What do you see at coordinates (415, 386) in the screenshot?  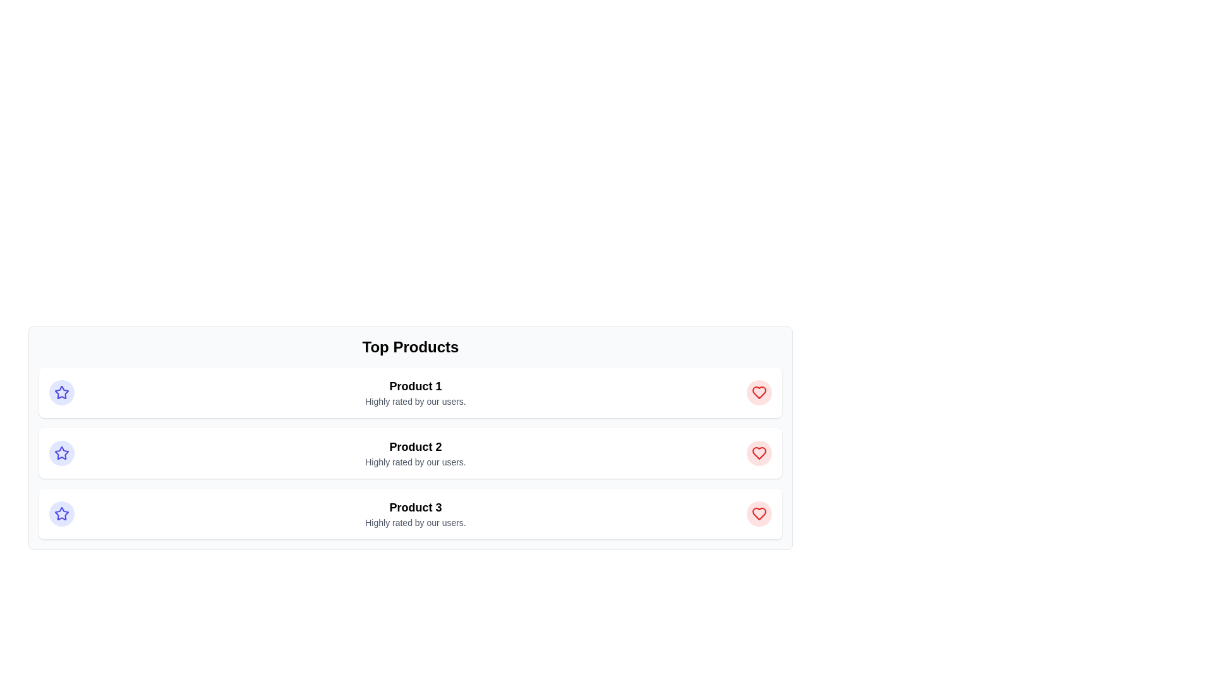 I see `the text label that identifies the first product in the list, located at the top of the product entries, above the description 'Highly rated by our users.'` at bounding box center [415, 386].